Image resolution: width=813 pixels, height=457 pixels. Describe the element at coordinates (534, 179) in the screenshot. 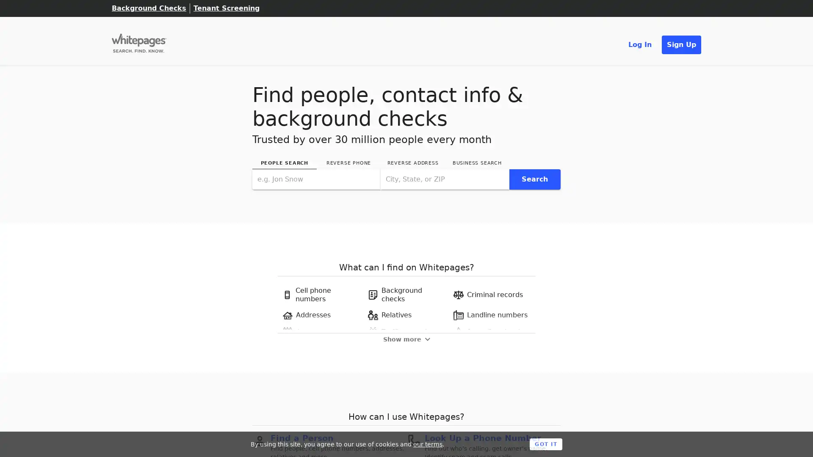

I see `Search` at that location.